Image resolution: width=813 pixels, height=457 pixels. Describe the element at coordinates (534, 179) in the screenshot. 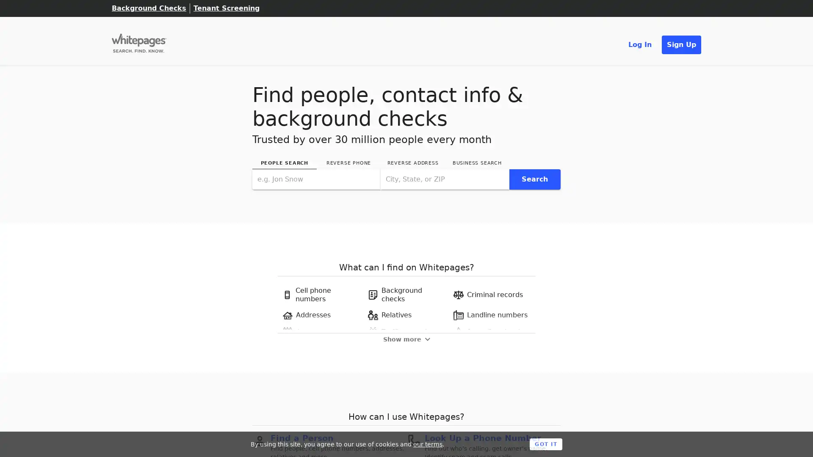

I see `Search` at that location.